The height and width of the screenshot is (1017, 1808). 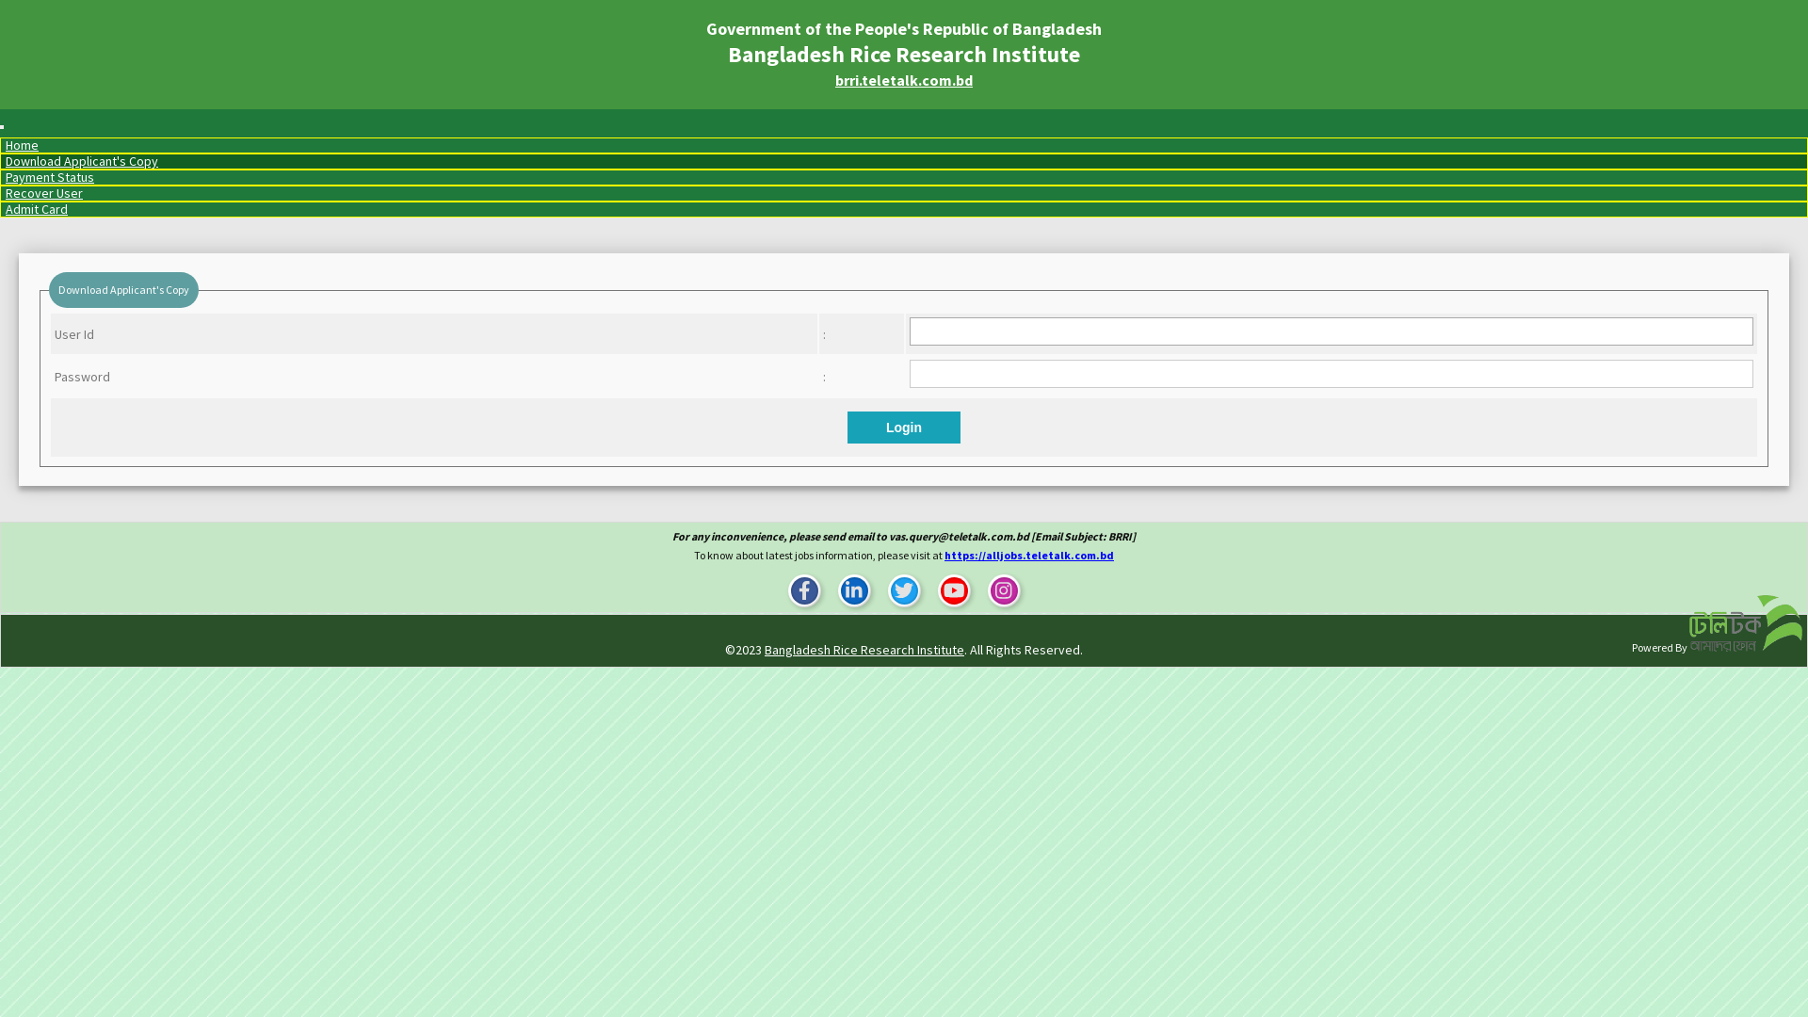 What do you see at coordinates (904, 78) in the screenshot?
I see `'brri.teletalk.com.bd'` at bounding box center [904, 78].